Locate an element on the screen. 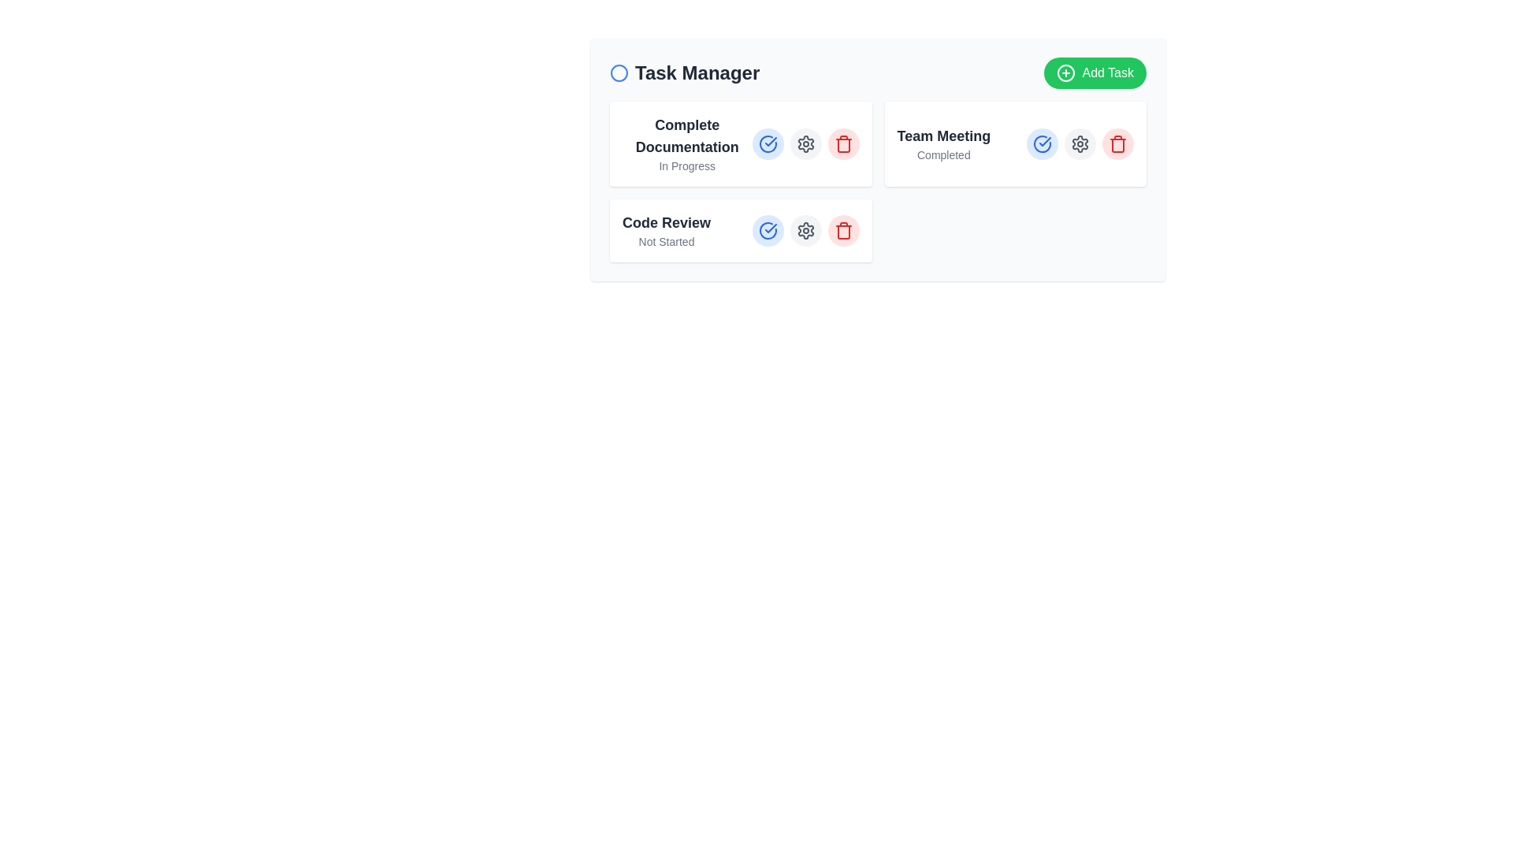 The height and width of the screenshot is (851, 1513). the circular red button with a trash icon, which is the third button in the horizontal row of action buttons is located at coordinates (1117, 143).